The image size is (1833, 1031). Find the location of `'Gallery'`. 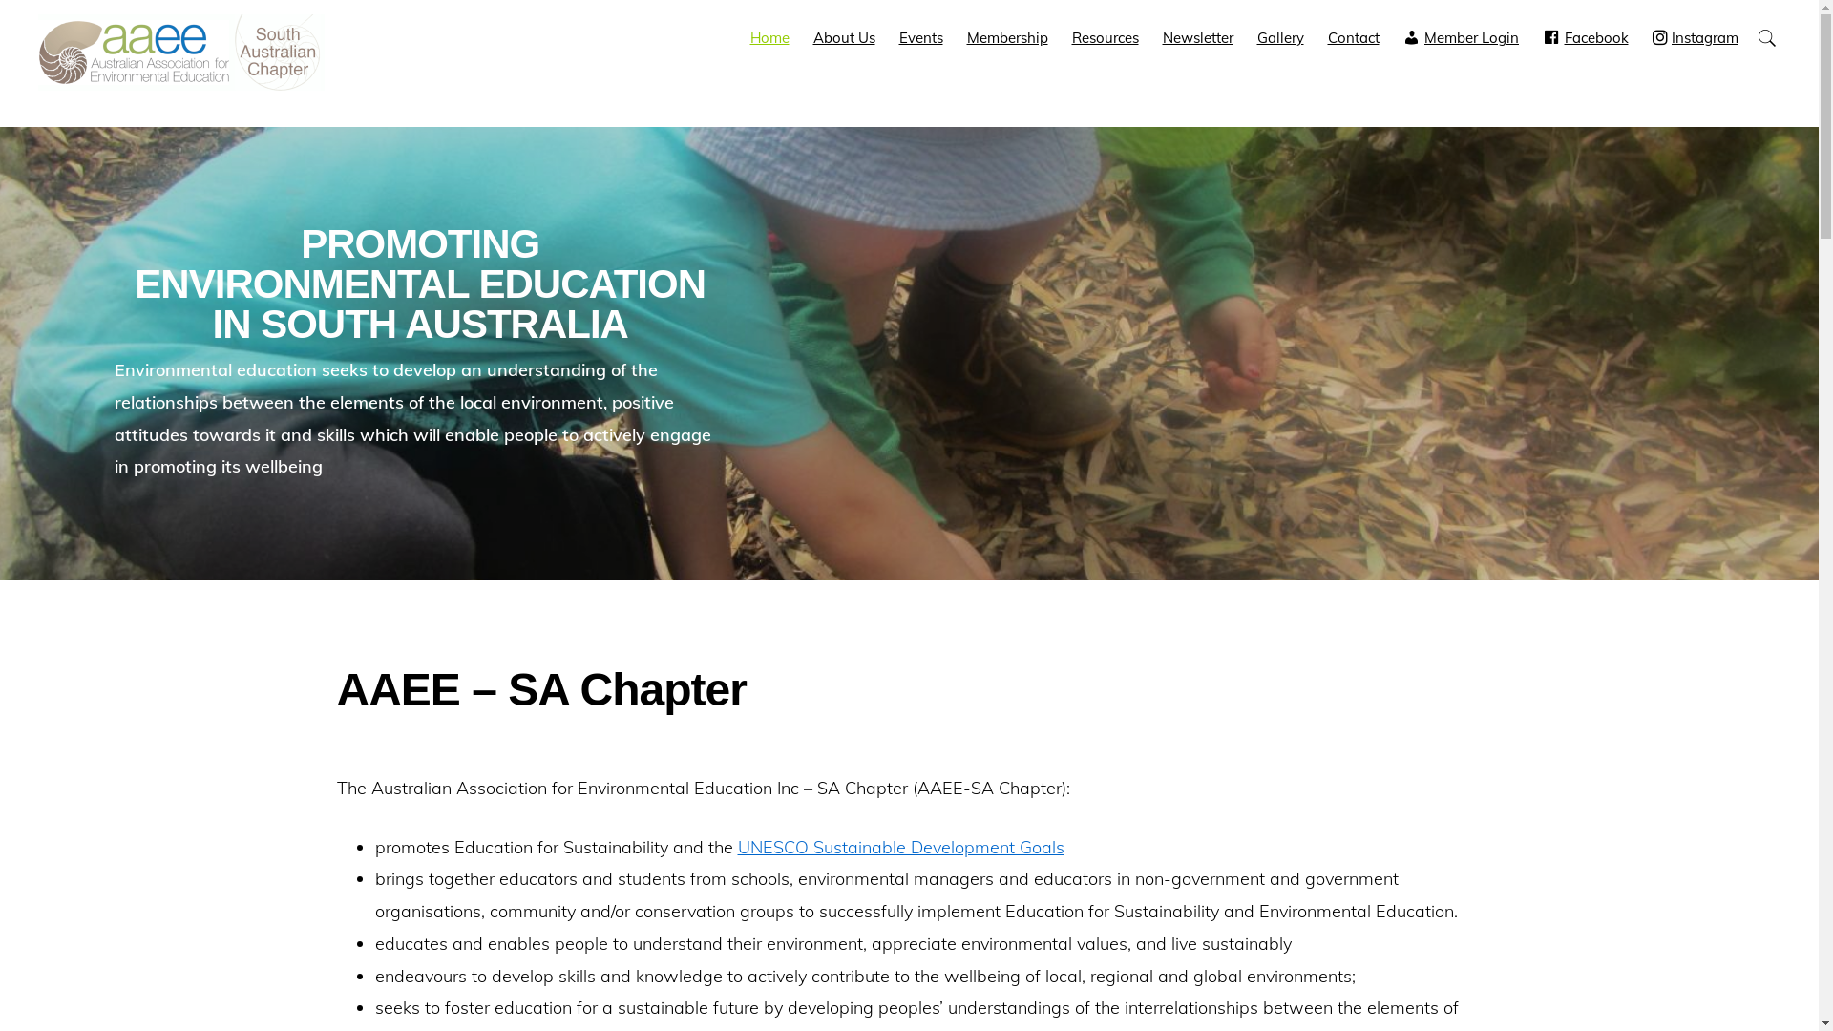

'Gallery' is located at coordinates (1279, 37).